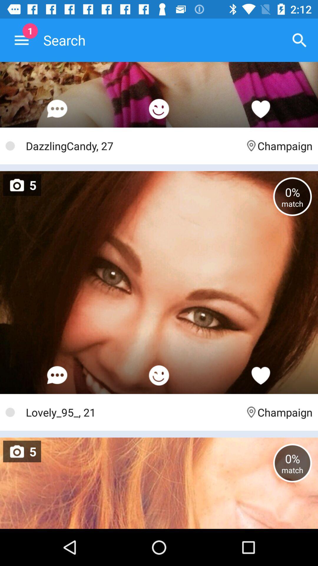 This screenshot has height=566, width=318. I want to click on icon to the left of the champaign, so click(132, 412).